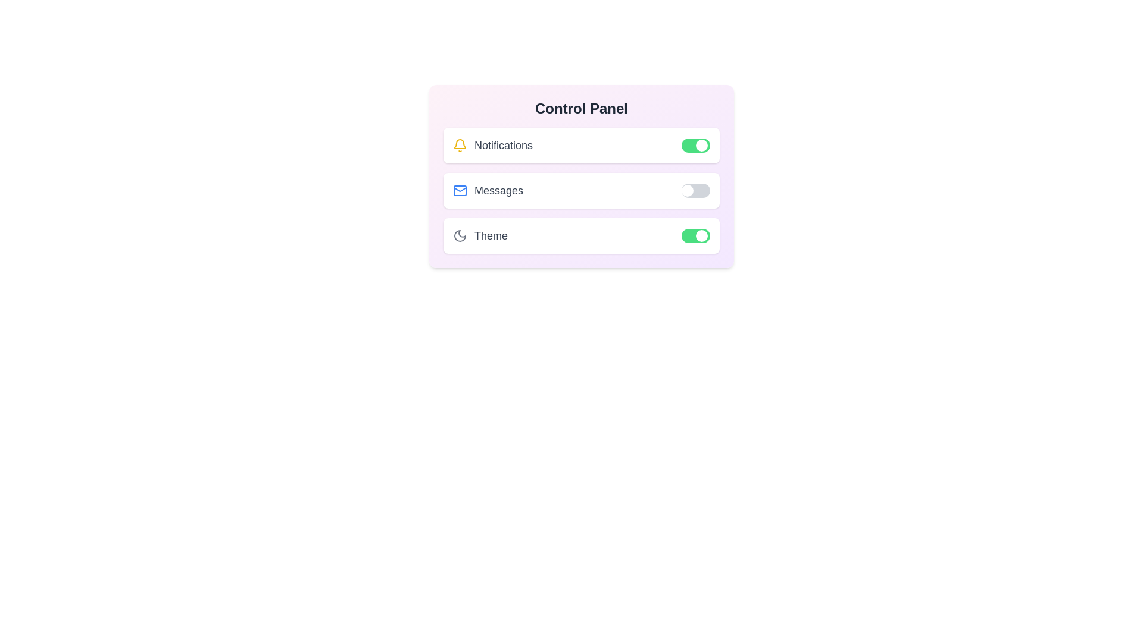 The height and width of the screenshot is (642, 1143). What do you see at coordinates (696, 145) in the screenshot?
I see `the toggle switch in the Notifications row of the control panel to switch it off` at bounding box center [696, 145].